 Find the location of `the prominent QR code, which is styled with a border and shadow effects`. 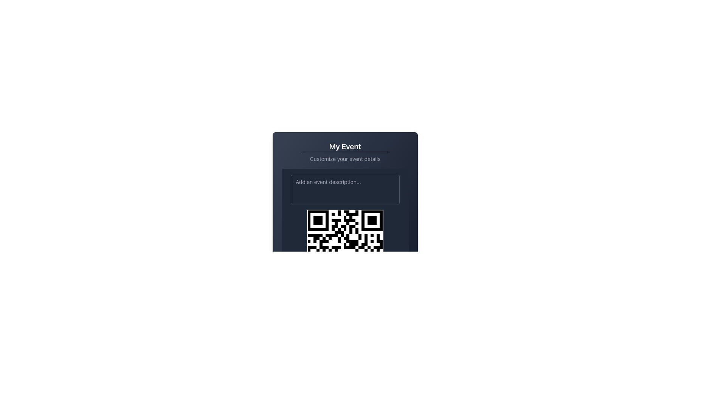

the prominent QR code, which is styled with a border and shadow effects is located at coordinates (344, 247).